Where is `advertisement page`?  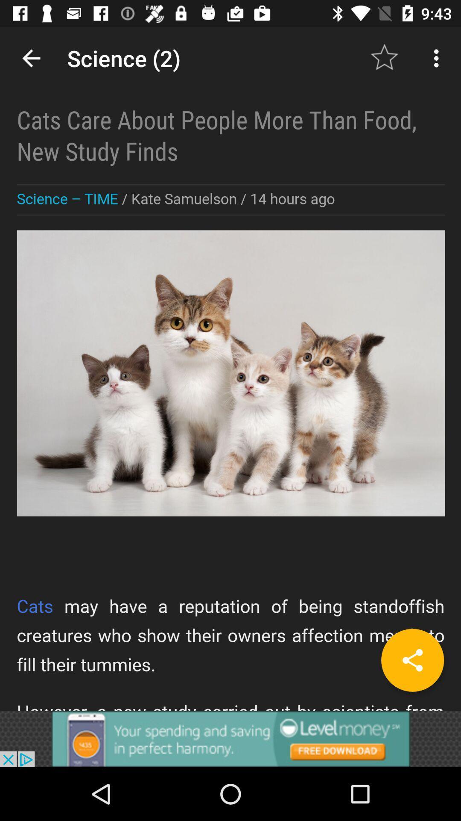 advertisement page is located at coordinates (230, 369).